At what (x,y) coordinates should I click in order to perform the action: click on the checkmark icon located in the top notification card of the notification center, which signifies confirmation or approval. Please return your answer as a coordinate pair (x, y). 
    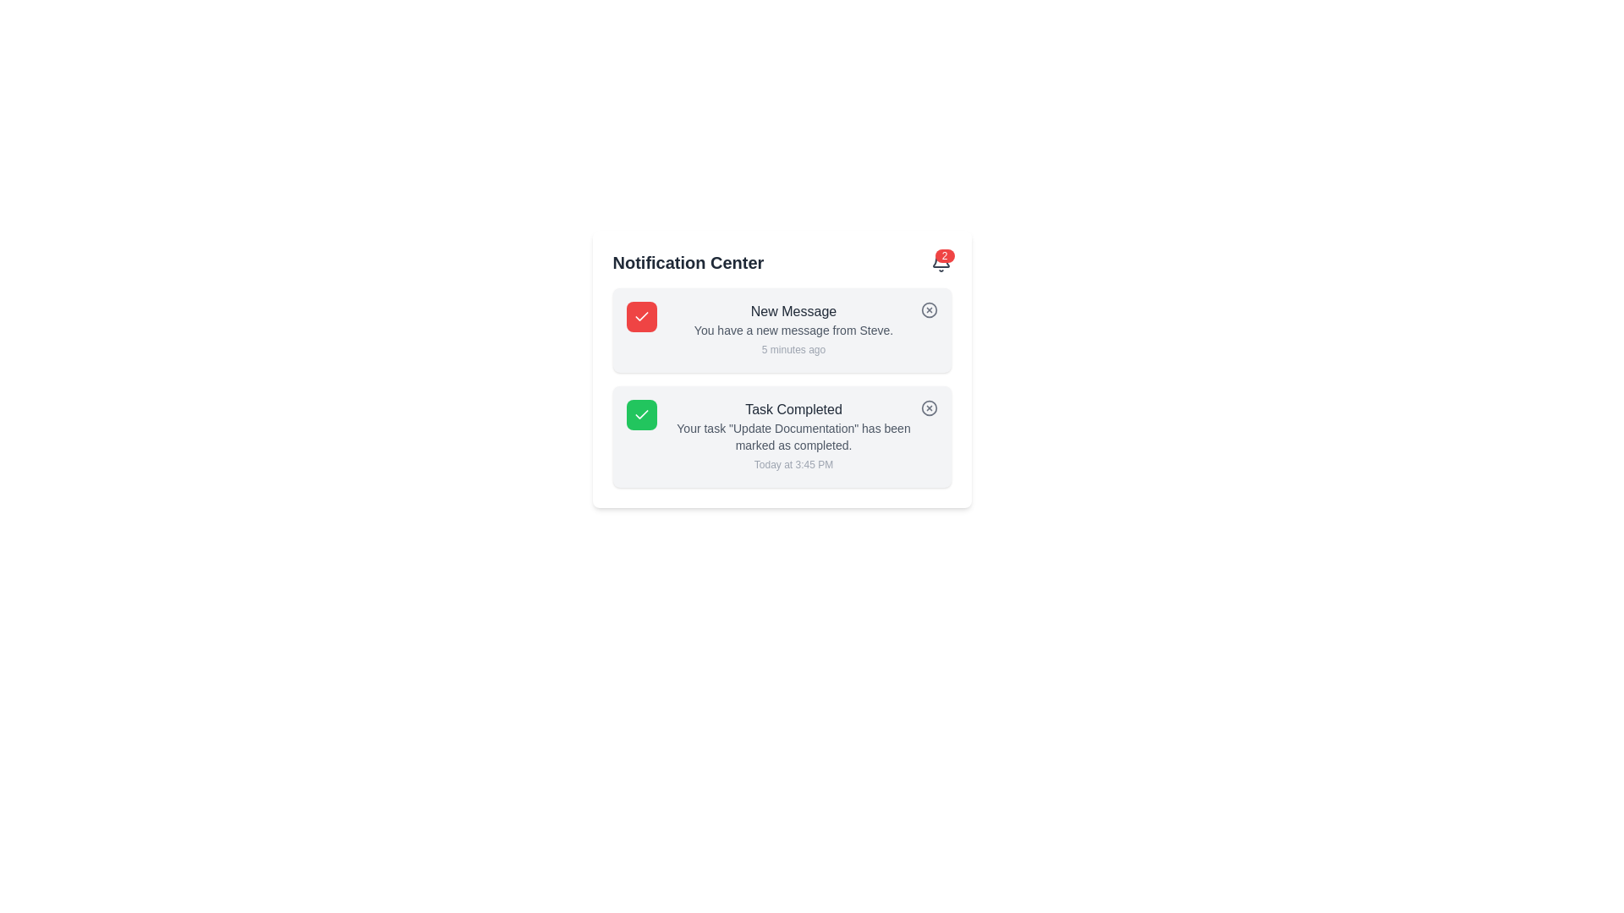
    Looking at the image, I should click on (640, 316).